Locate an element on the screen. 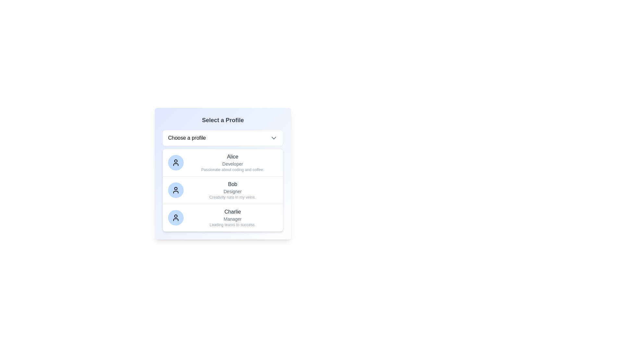 The height and width of the screenshot is (350, 623). the static Text Label that indicates the purpose of the associated dropdown menu for selecting a profile, located to the left of a chevron down icon is located at coordinates (187, 137).